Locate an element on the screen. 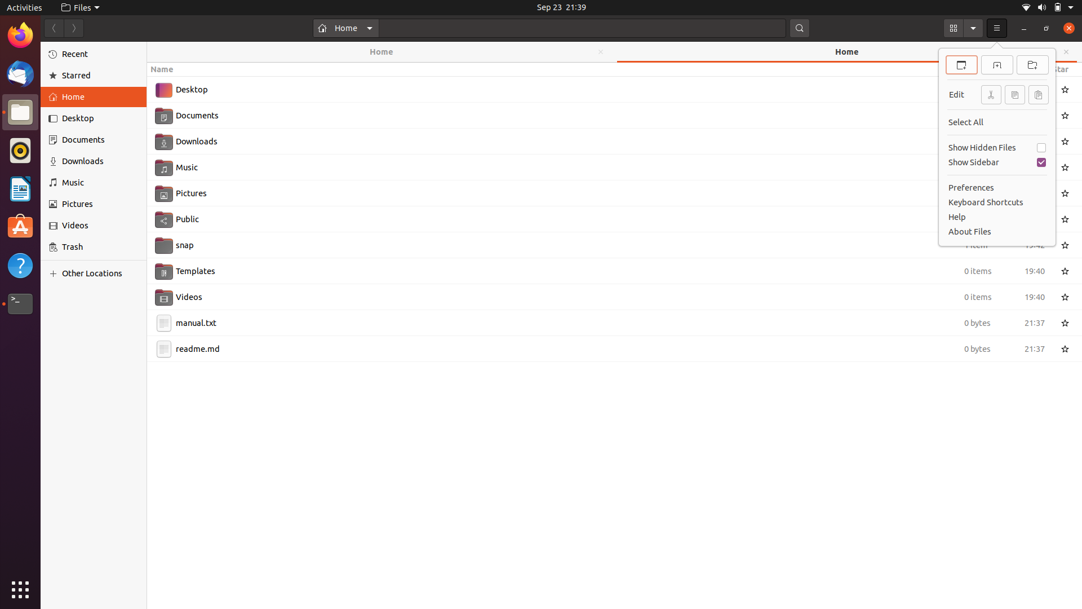 The width and height of the screenshot is (1082, 609). Duplicate the readme.md file through keyboard actions is located at coordinates (602, 347).